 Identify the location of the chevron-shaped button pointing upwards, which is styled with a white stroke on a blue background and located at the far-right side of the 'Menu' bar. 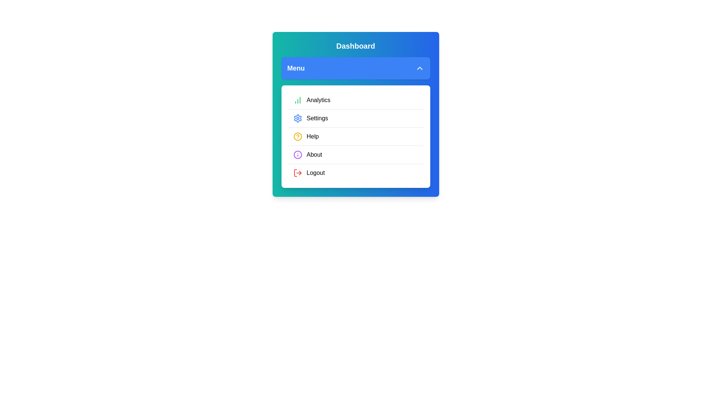
(419, 68).